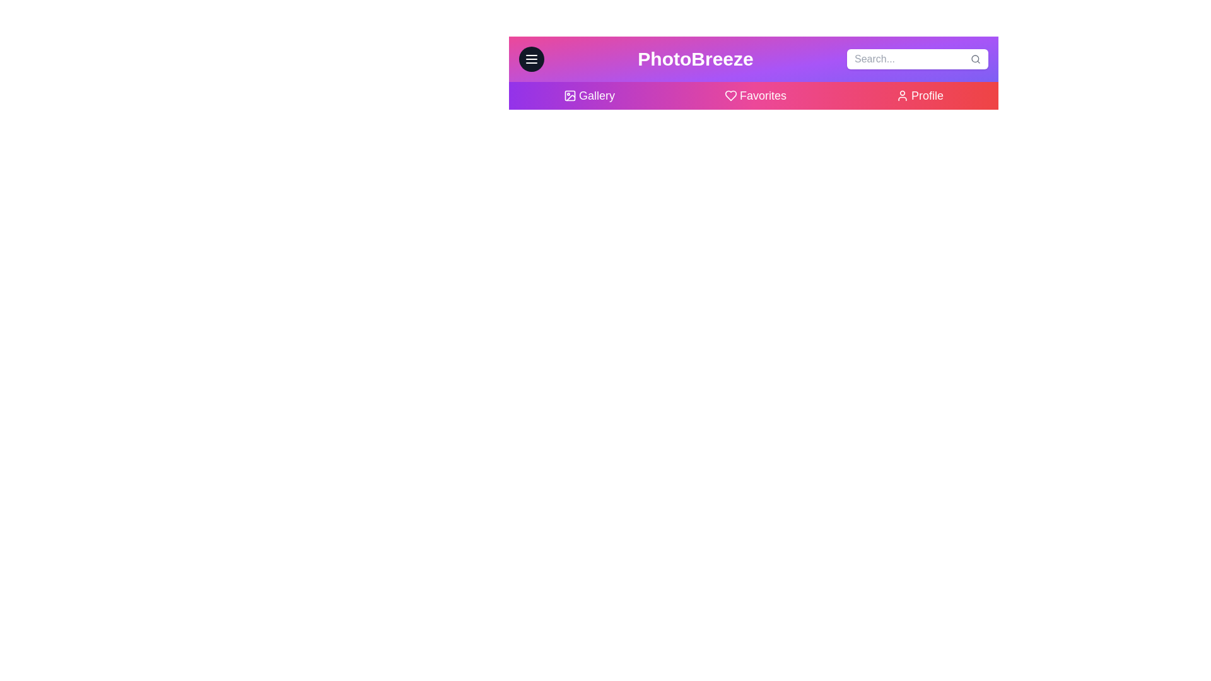 The width and height of the screenshot is (1211, 681). Describe the element at coordinates (920, 95) in the screenshot. I see `the 'Profile' button to navigate to the Profile section` at that location.